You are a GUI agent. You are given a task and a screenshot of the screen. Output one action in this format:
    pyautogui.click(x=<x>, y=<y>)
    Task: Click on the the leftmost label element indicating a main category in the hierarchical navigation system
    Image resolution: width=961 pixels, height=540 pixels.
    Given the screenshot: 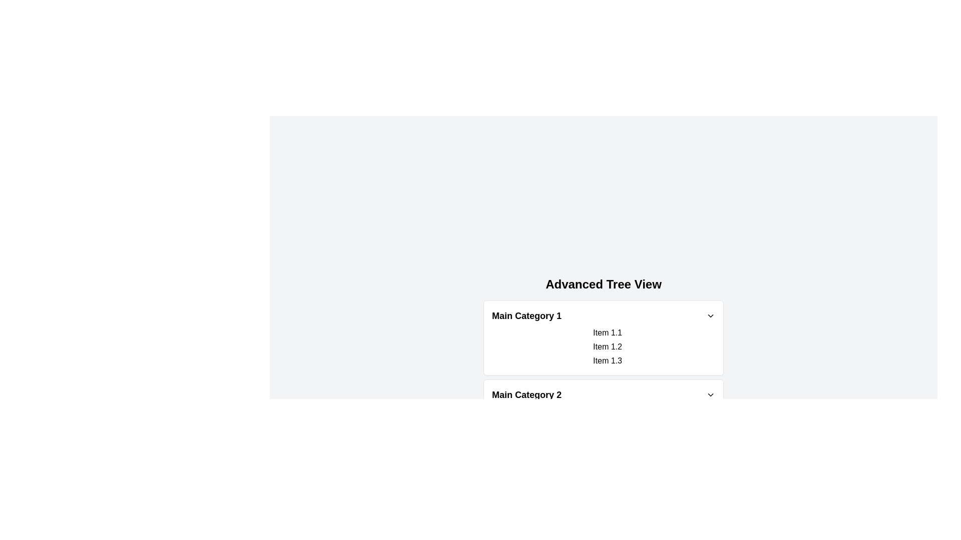 What is the action you would take?
    pyautogui.click(x=526, y=394)
    